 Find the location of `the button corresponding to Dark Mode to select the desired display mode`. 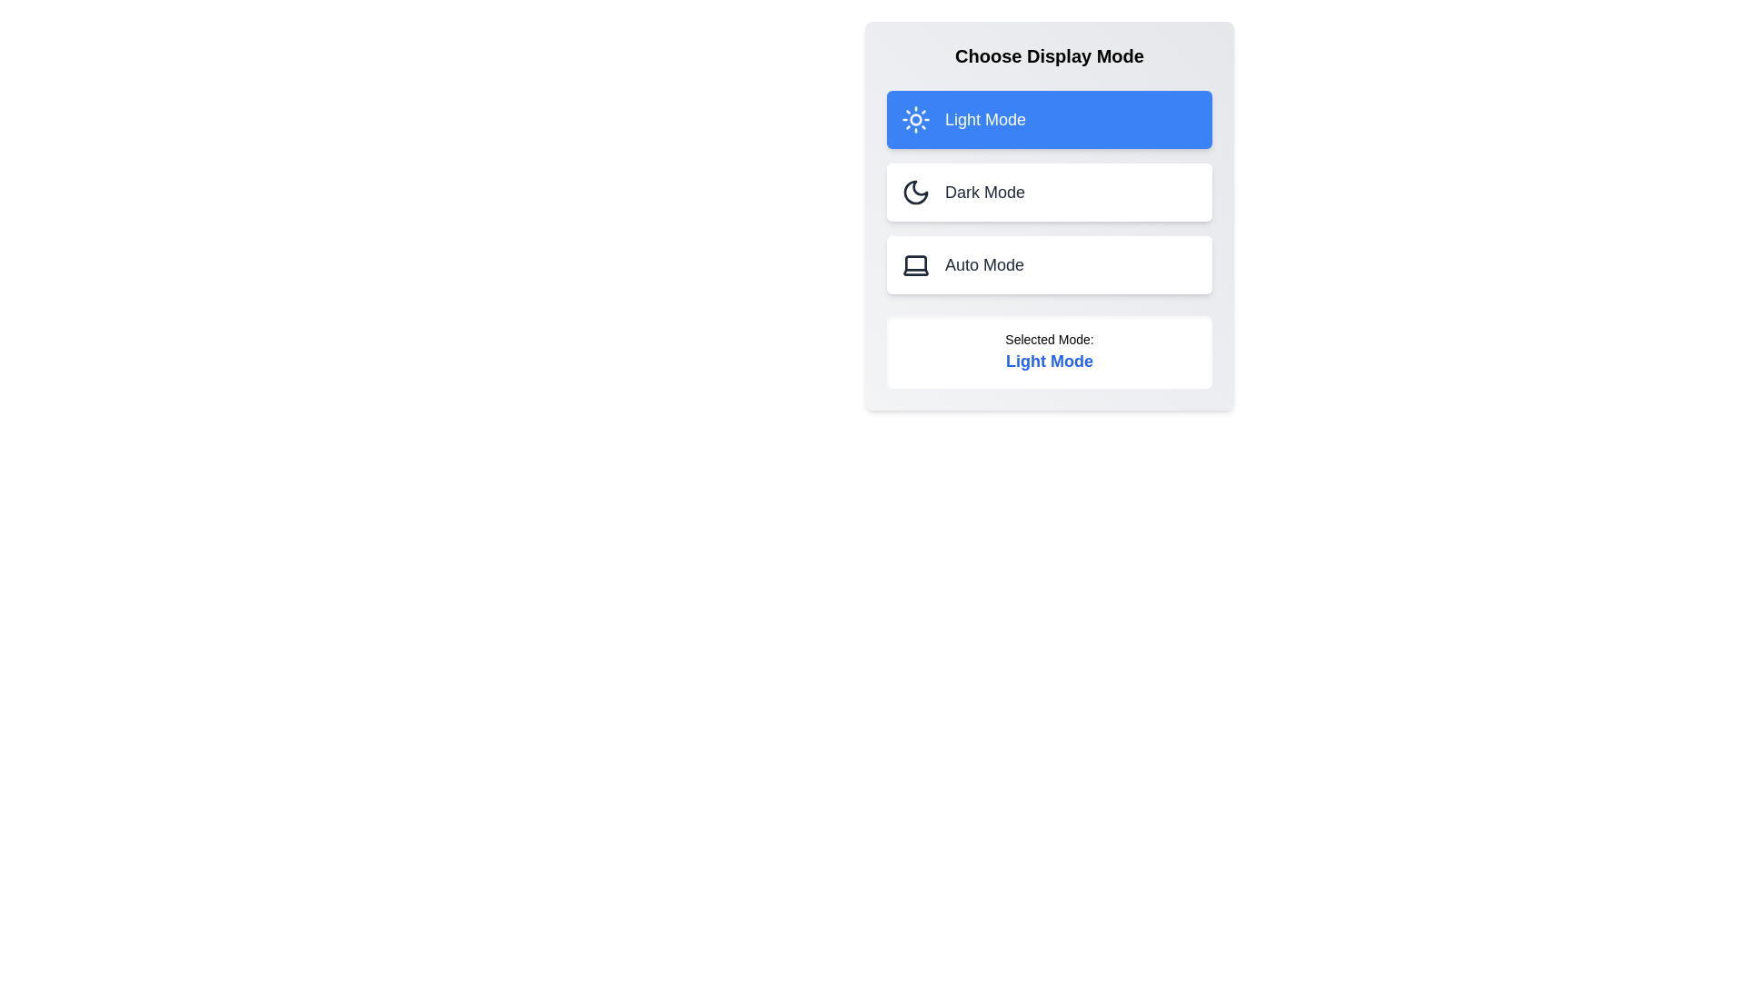

the button corresponding to Dark Mode to select the desired display mode is located at coordinates (1050, 193).